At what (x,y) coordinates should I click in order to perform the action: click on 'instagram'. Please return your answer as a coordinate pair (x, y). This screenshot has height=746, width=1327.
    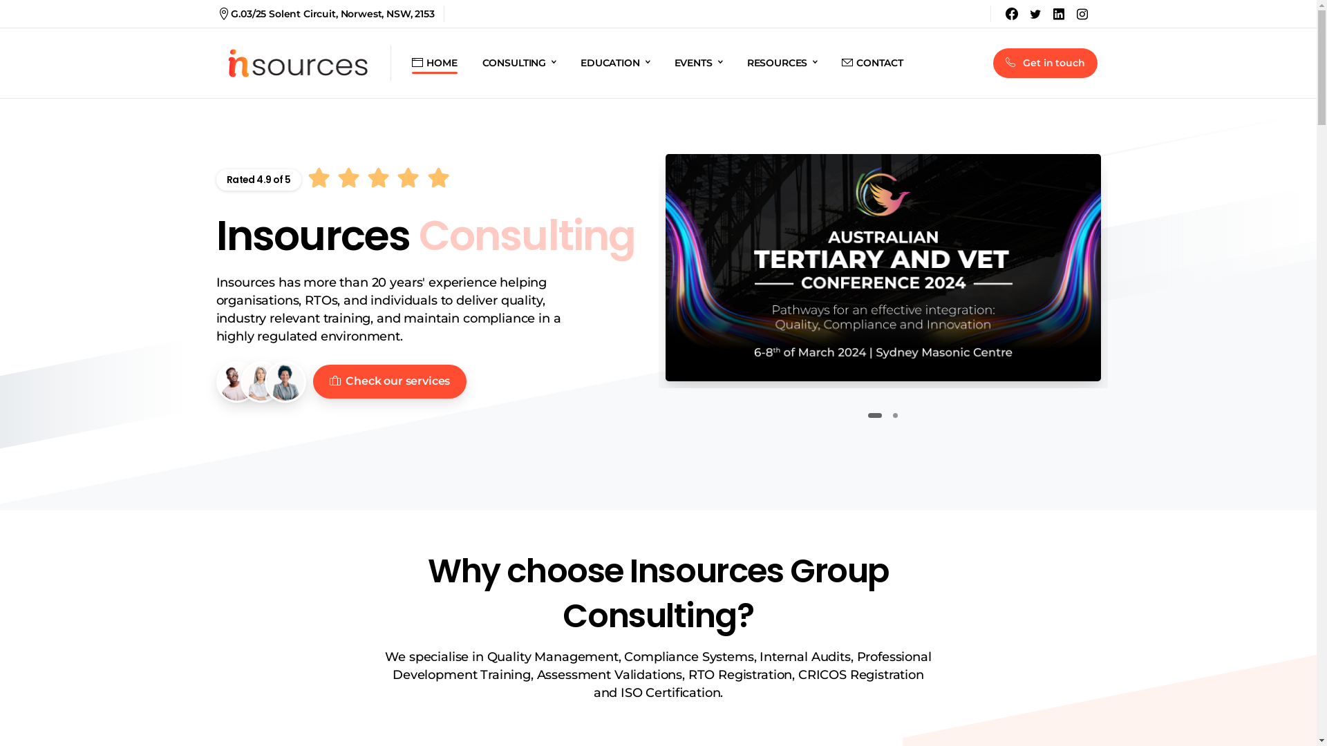
    Looking at the image, I should click on (1081, 13).